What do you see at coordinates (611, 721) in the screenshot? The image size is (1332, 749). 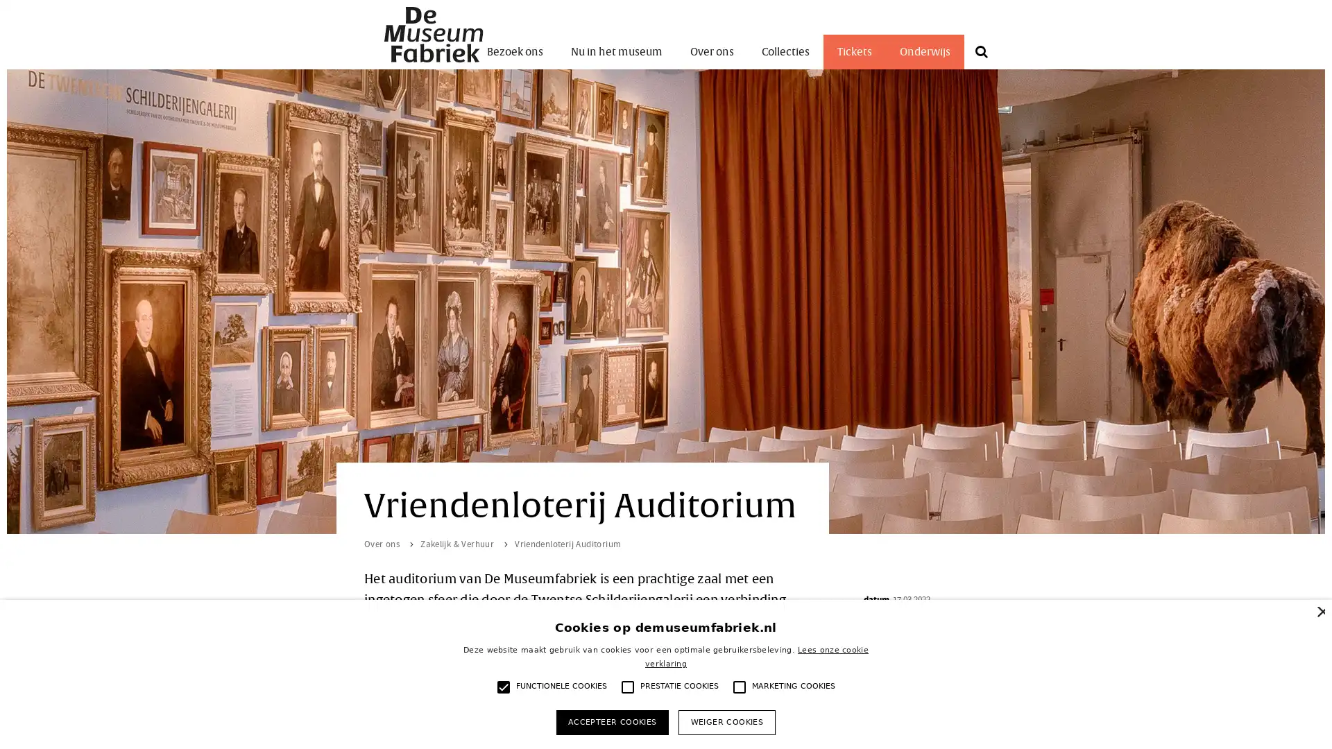 I see `ACCEPTEER COOKIES` at bounding box center [611, 721].